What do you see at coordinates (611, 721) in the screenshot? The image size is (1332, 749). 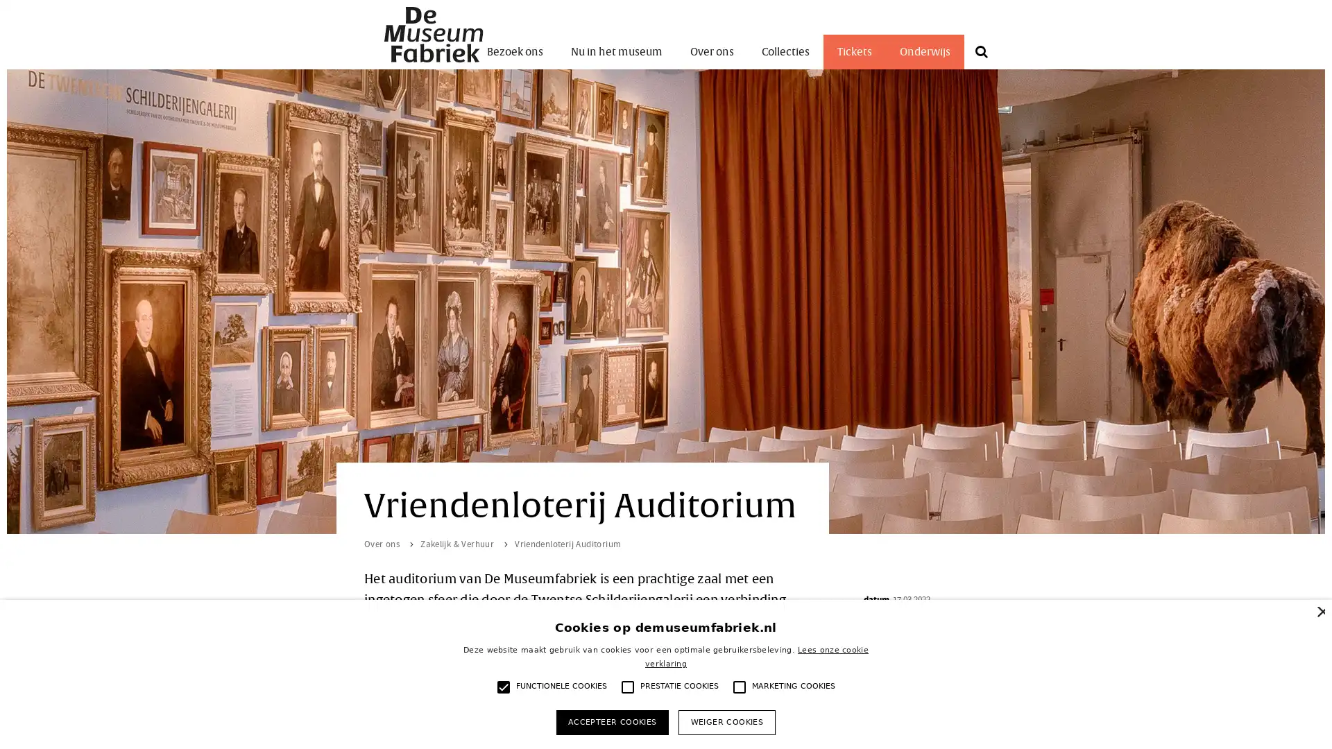 I see `ACCEPTEER COOKIES` at bounding box center [611, 721].